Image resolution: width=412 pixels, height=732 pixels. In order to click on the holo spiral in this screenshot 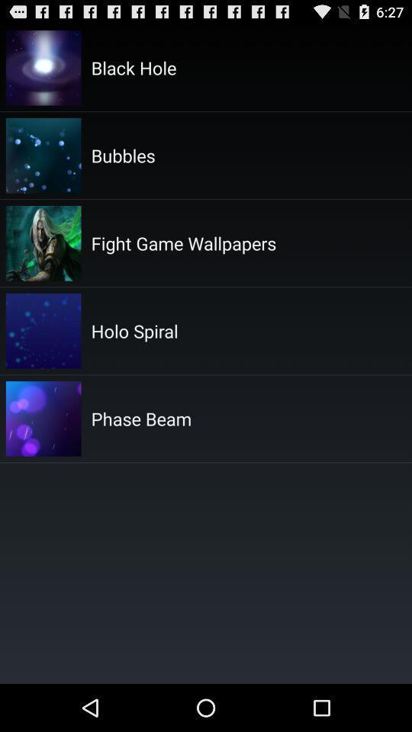, I will do `click(134, 331)`.